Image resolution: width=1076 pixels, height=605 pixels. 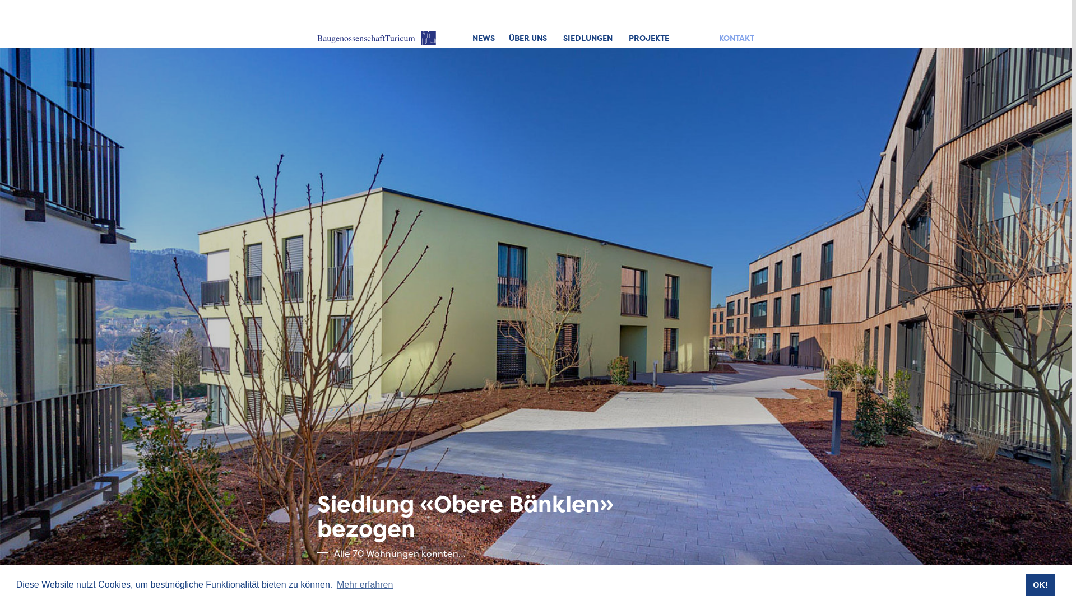 I want to click on 'PROJEKTE', so click(x=629, y=38).